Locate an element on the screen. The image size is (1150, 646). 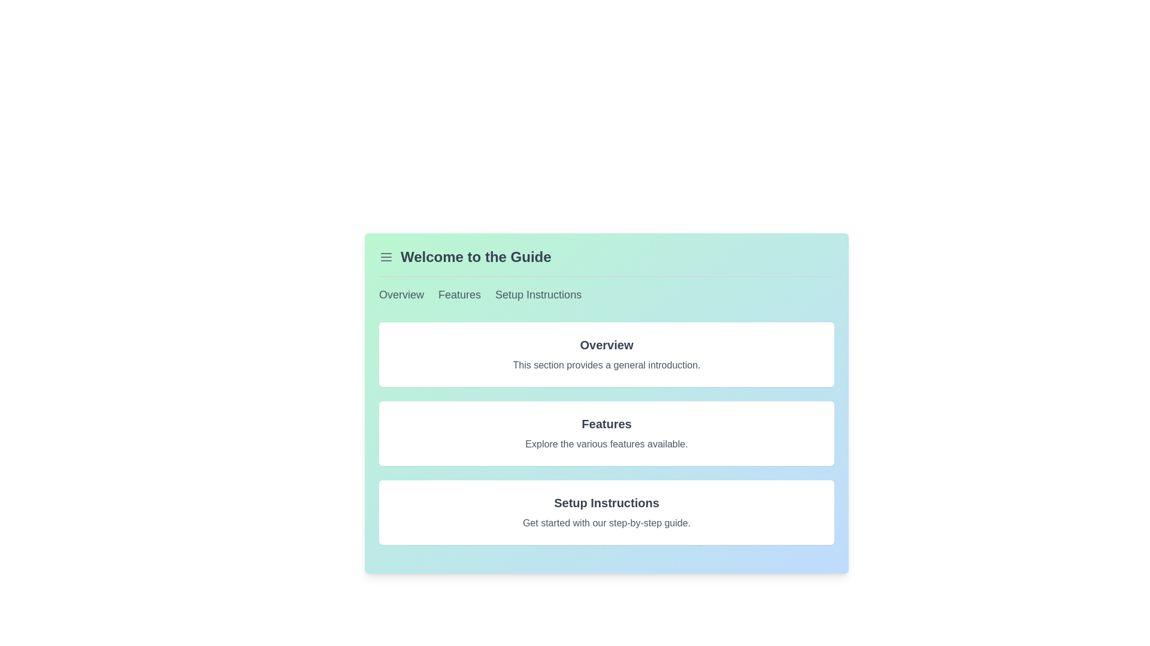
the instructional text element located in the 'Setup Instructions' section, positioned below the section title and aligned to the left margin is located at coordinates (606, 523).